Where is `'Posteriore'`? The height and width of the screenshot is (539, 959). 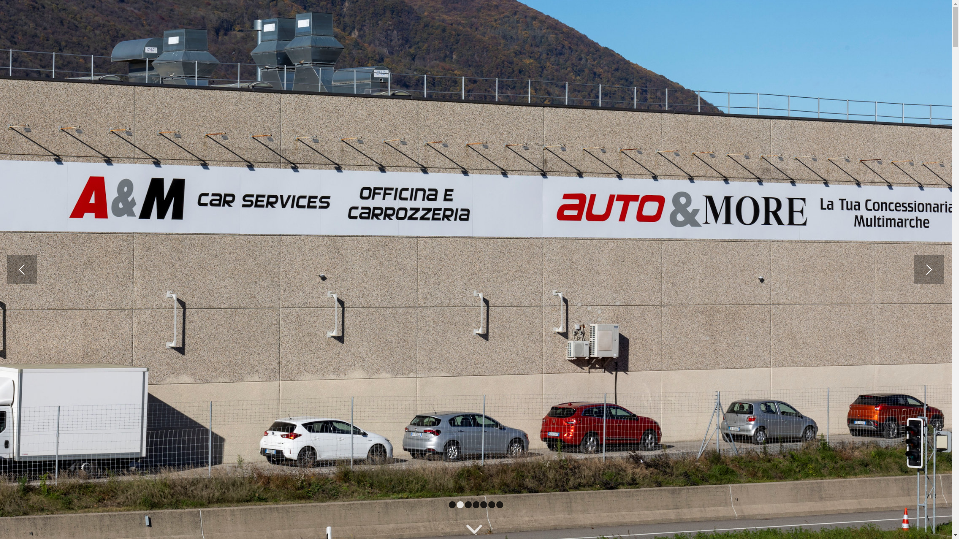 'Posteriore' is located at coordinates (929, 269).